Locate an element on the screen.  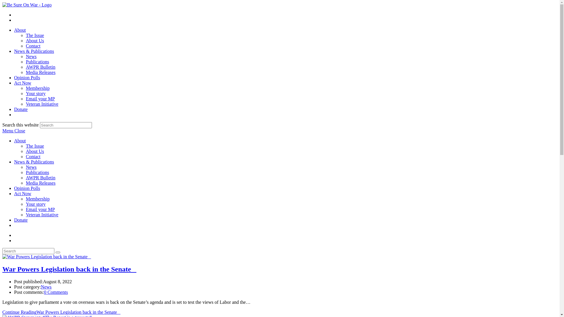
'Email your MP' is located at coordinates (40, 98).